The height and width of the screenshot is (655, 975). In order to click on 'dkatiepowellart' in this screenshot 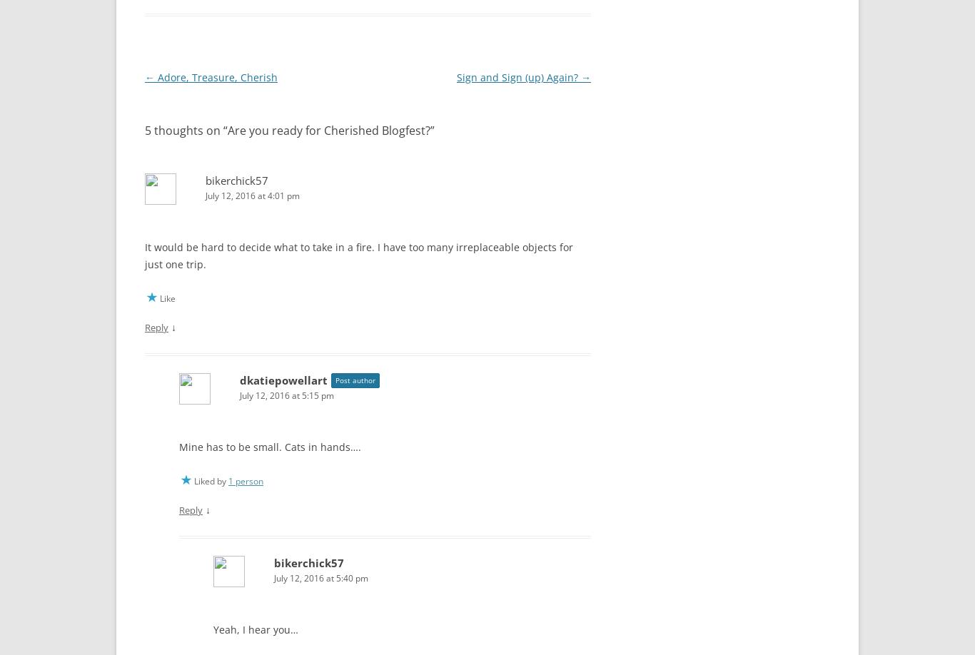, I will do `click(240, 377)`.